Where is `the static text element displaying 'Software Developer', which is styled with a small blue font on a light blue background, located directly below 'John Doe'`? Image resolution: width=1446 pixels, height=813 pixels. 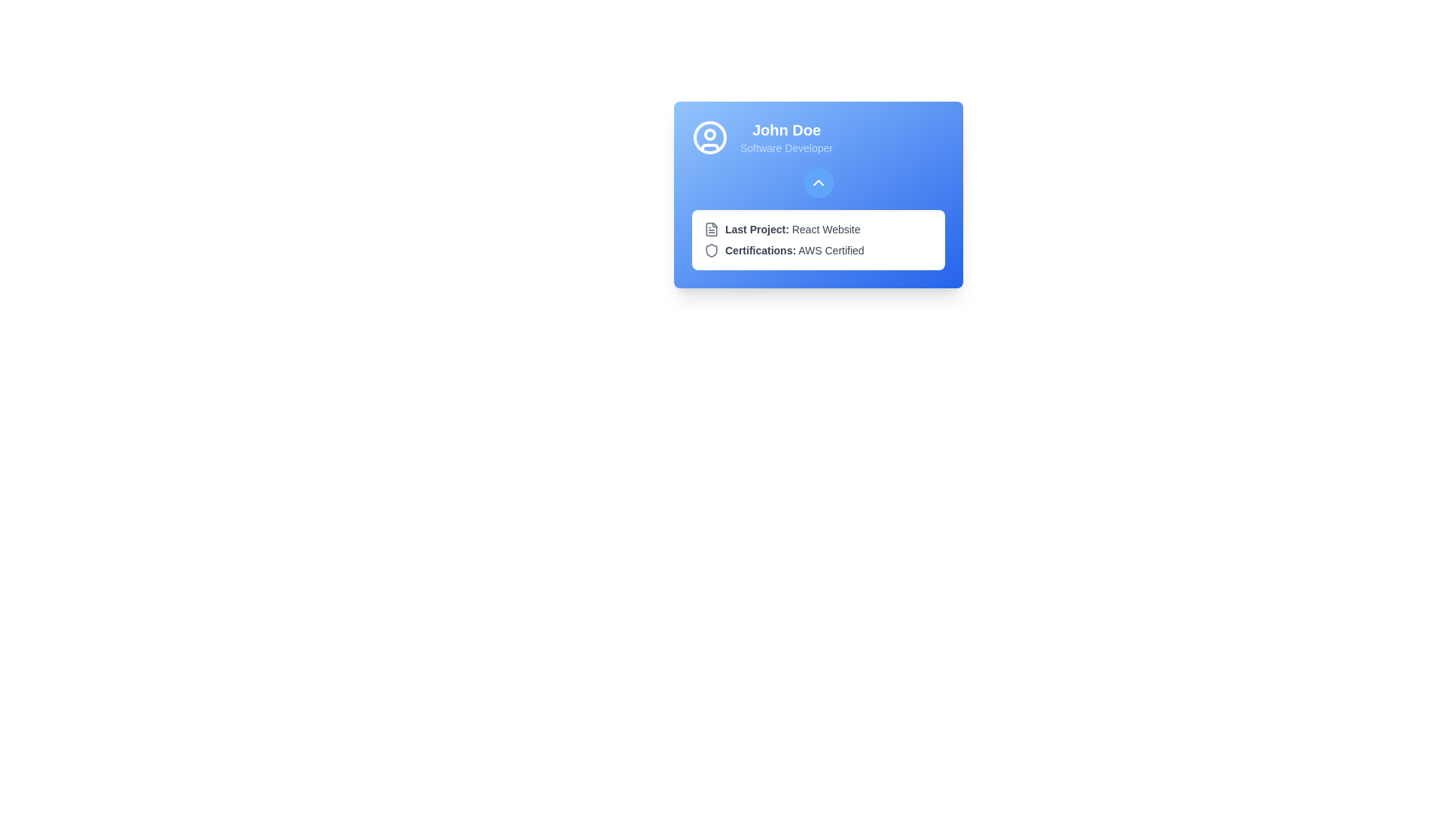 the static text element displaying 'Software Developer', which is styled with a small blue font on a light blue background, located directly below 'John Doe' is located at coordinates (786, 148).